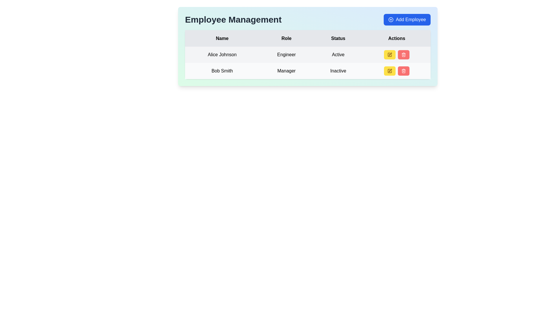  What do you see at coordinates (396, 55) in the screenshot?
I see `the yellow 'Edit' button in the table cell associated with 'Alice Johnson' in the 'Employee Management' table` at bounding box center [396, 55].